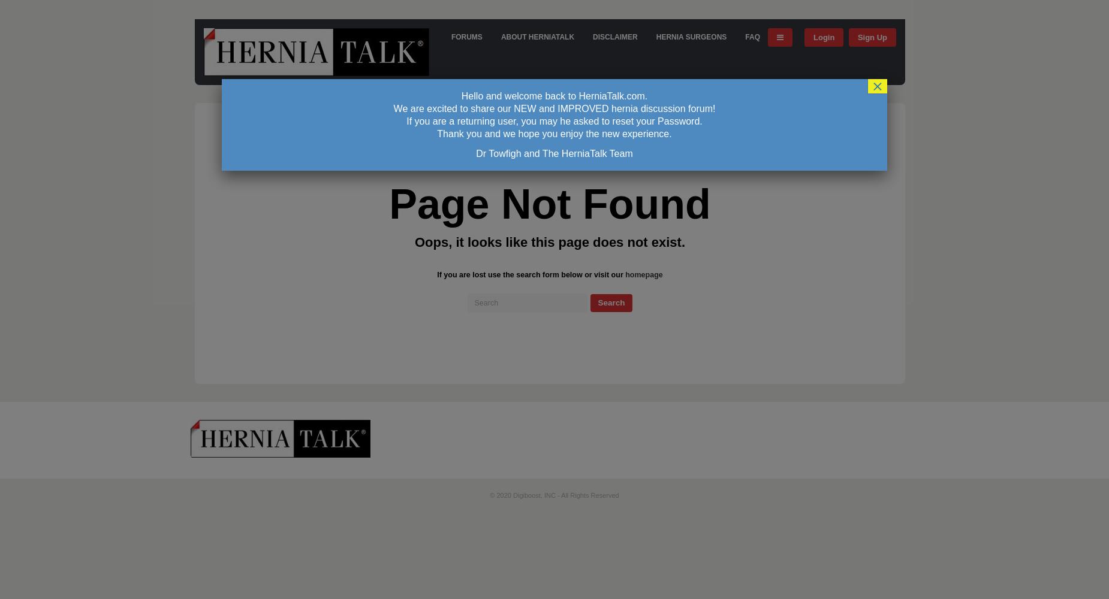 The image size is (1109, 599). I want to click on 'If you are lost use the search form below or visit our', so click(437, 274).